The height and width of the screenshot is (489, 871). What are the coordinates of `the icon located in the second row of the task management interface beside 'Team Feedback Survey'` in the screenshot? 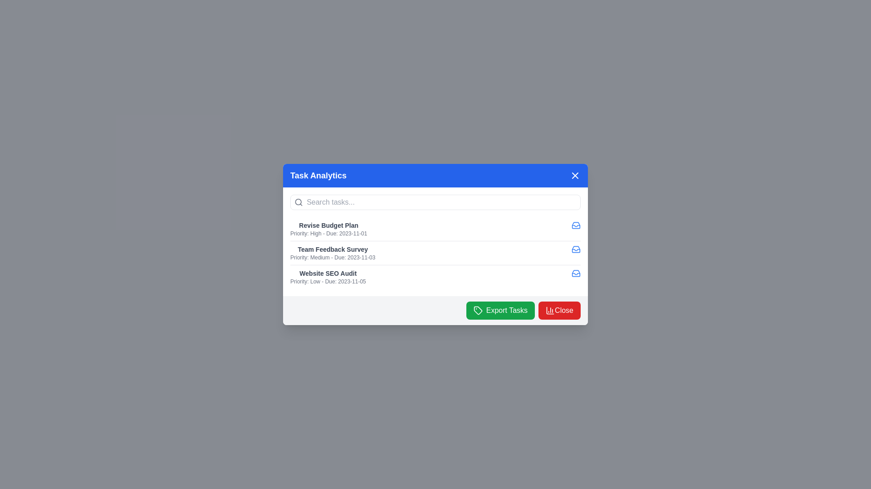 It's located at (576, 249).